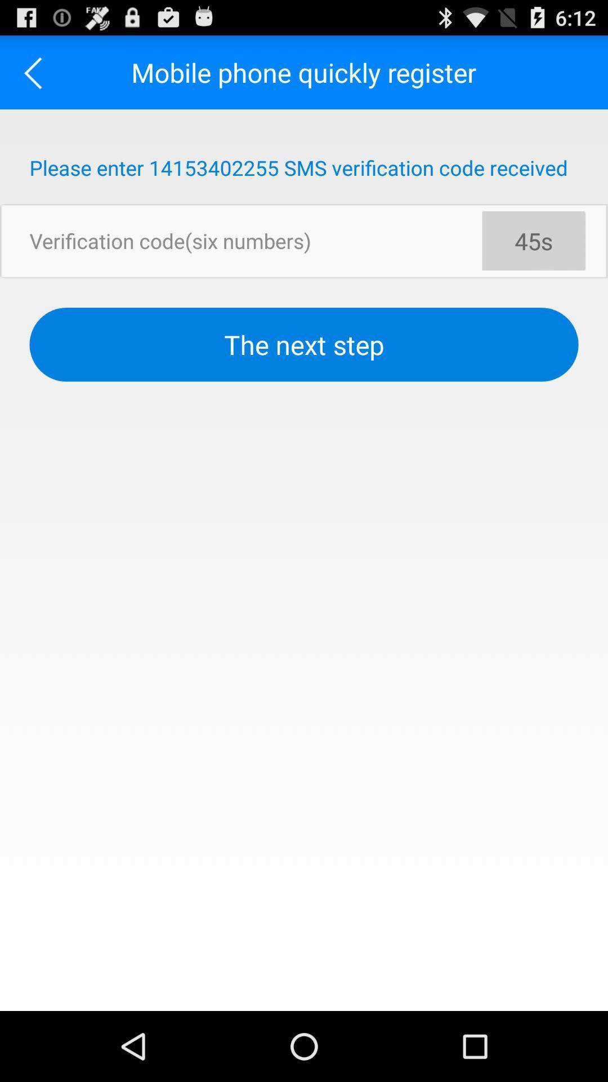  I want to click on the next step button, so click(304, 344).